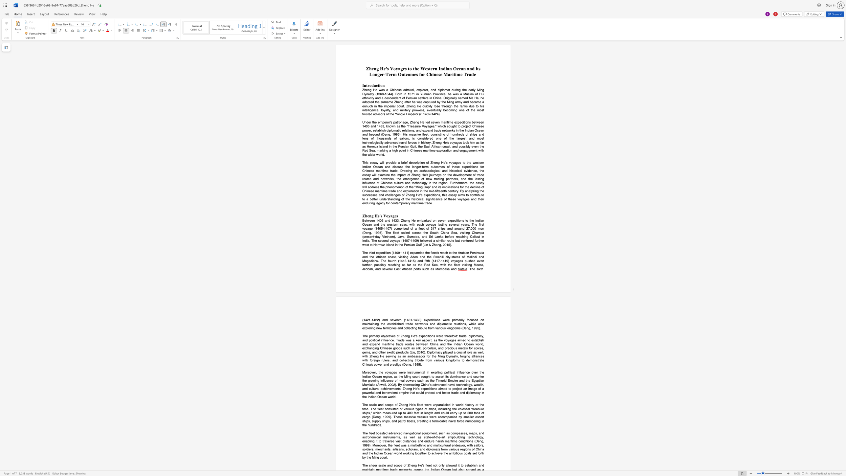  Describe the element at coordinates (427, 319) in the screenshot. I see `the subset text "peditions were primar" within the text "(1421-1422) and seventh (1431-1433) expeditions were primarily focused on"` at that location.